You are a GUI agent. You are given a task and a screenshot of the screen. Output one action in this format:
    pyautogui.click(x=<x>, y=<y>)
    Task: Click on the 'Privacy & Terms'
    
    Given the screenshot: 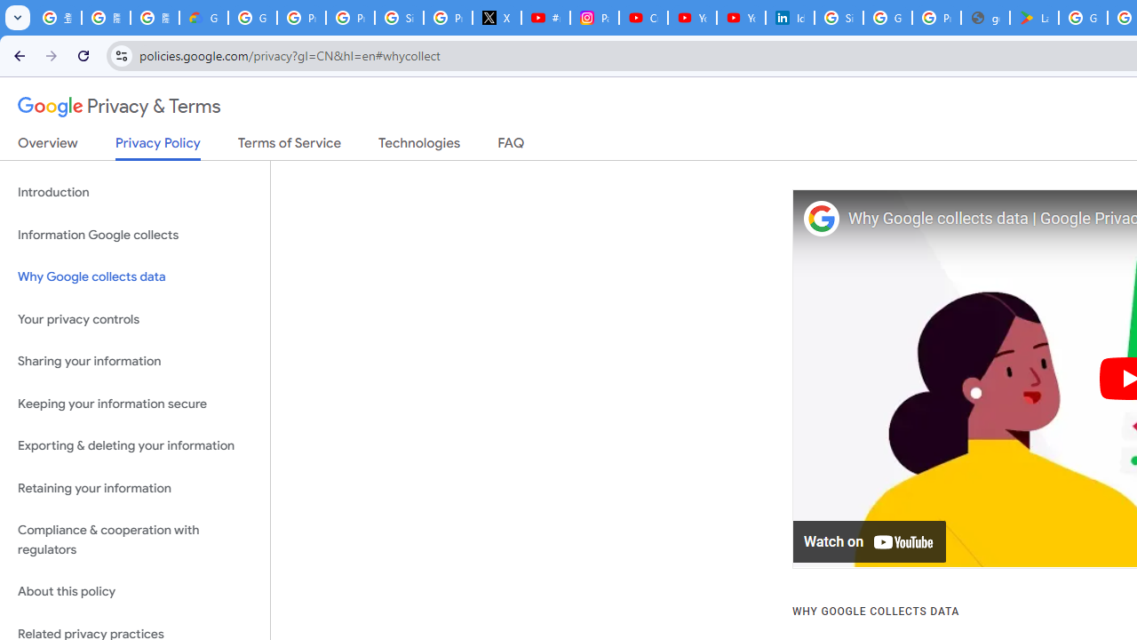 What is the action you would take?
    pyautogui.click(x=119, y=107)
    